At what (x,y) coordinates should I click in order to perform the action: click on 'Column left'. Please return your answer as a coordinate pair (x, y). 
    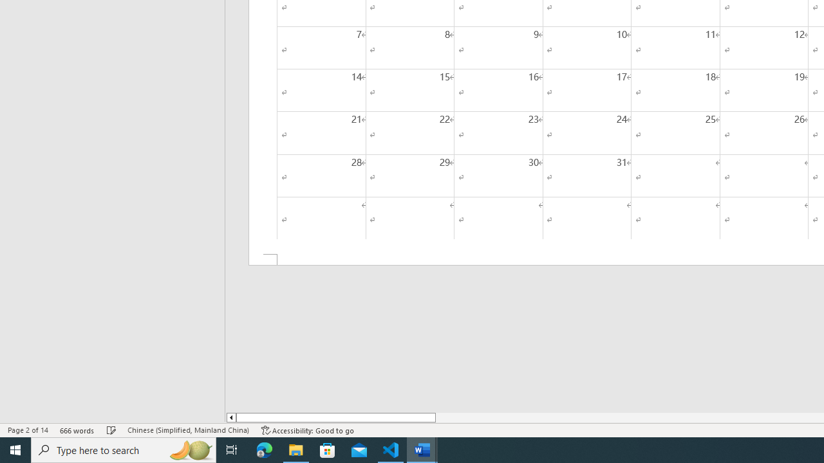
    Looking at the image, I should click on (230, 417).